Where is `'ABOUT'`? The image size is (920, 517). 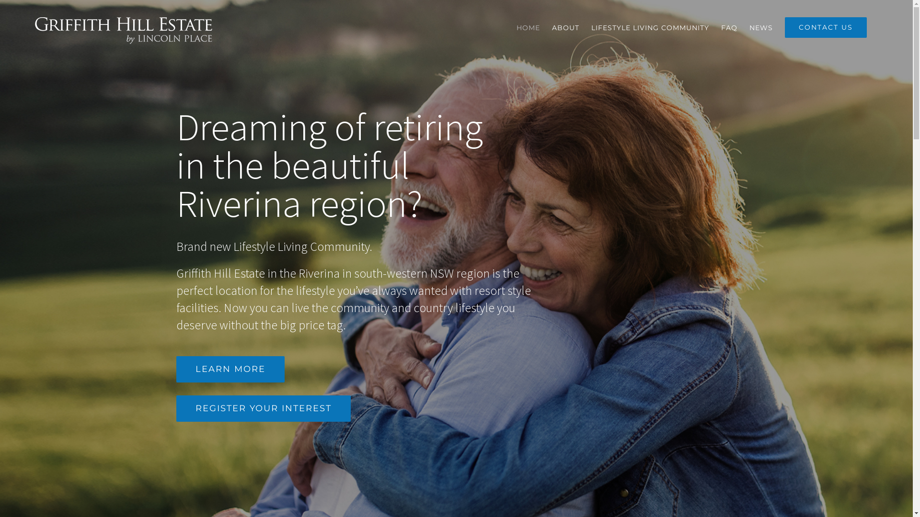 'ABOUT' is located at coordinates (565, 27).